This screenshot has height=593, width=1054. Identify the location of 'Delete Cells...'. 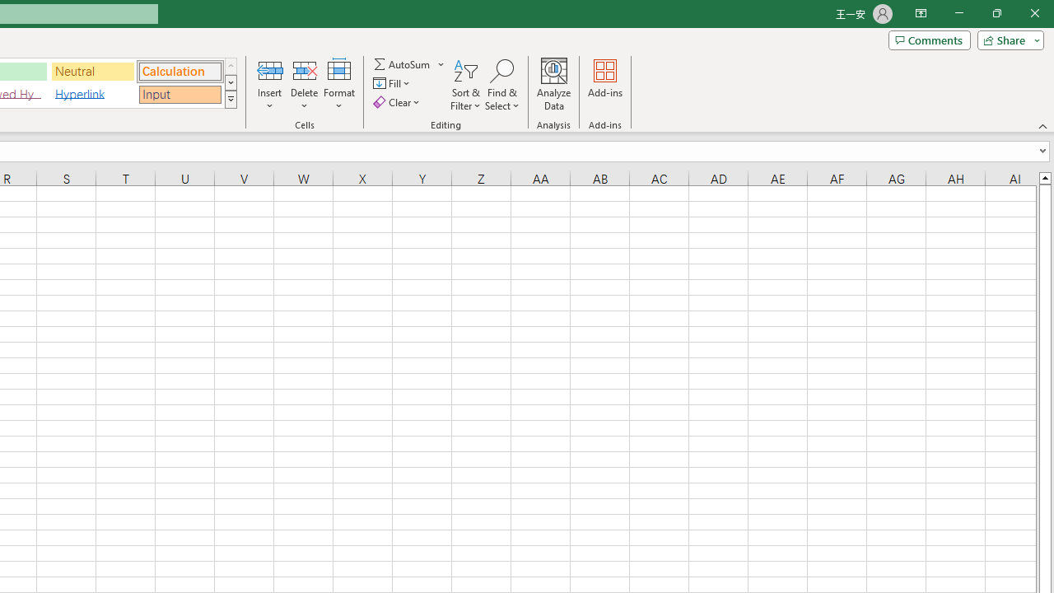
(304, 69).